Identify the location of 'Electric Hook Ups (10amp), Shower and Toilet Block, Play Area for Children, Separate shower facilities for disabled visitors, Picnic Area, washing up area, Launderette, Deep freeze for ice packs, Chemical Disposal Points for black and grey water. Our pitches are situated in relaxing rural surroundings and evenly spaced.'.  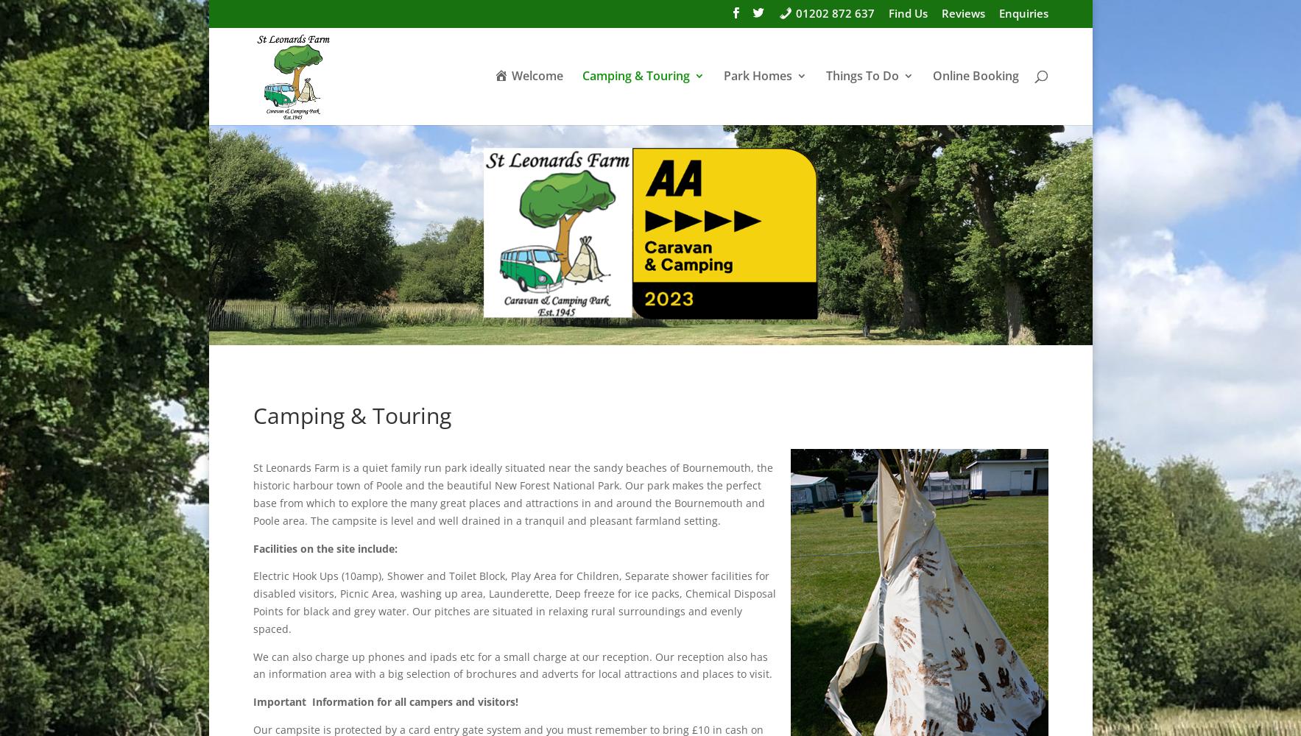
(512, 601).